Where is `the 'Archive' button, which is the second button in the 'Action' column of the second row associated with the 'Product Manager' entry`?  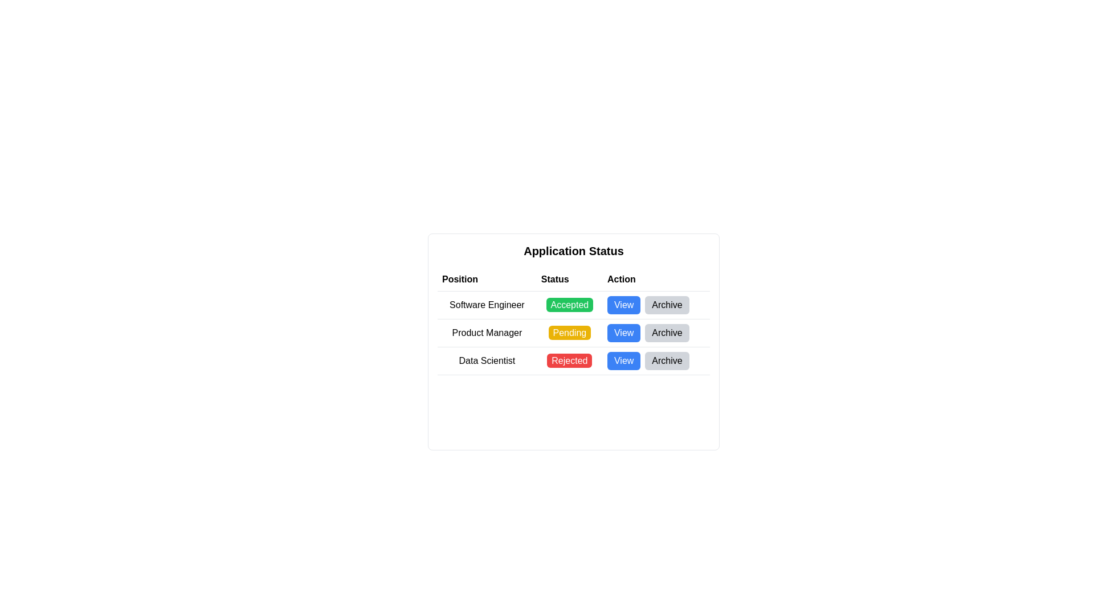
the 'Archive' button, which is the second button in the 'Action' column of the second row associated with the 'Product Manager' entry is located at coordinates (656, 333).